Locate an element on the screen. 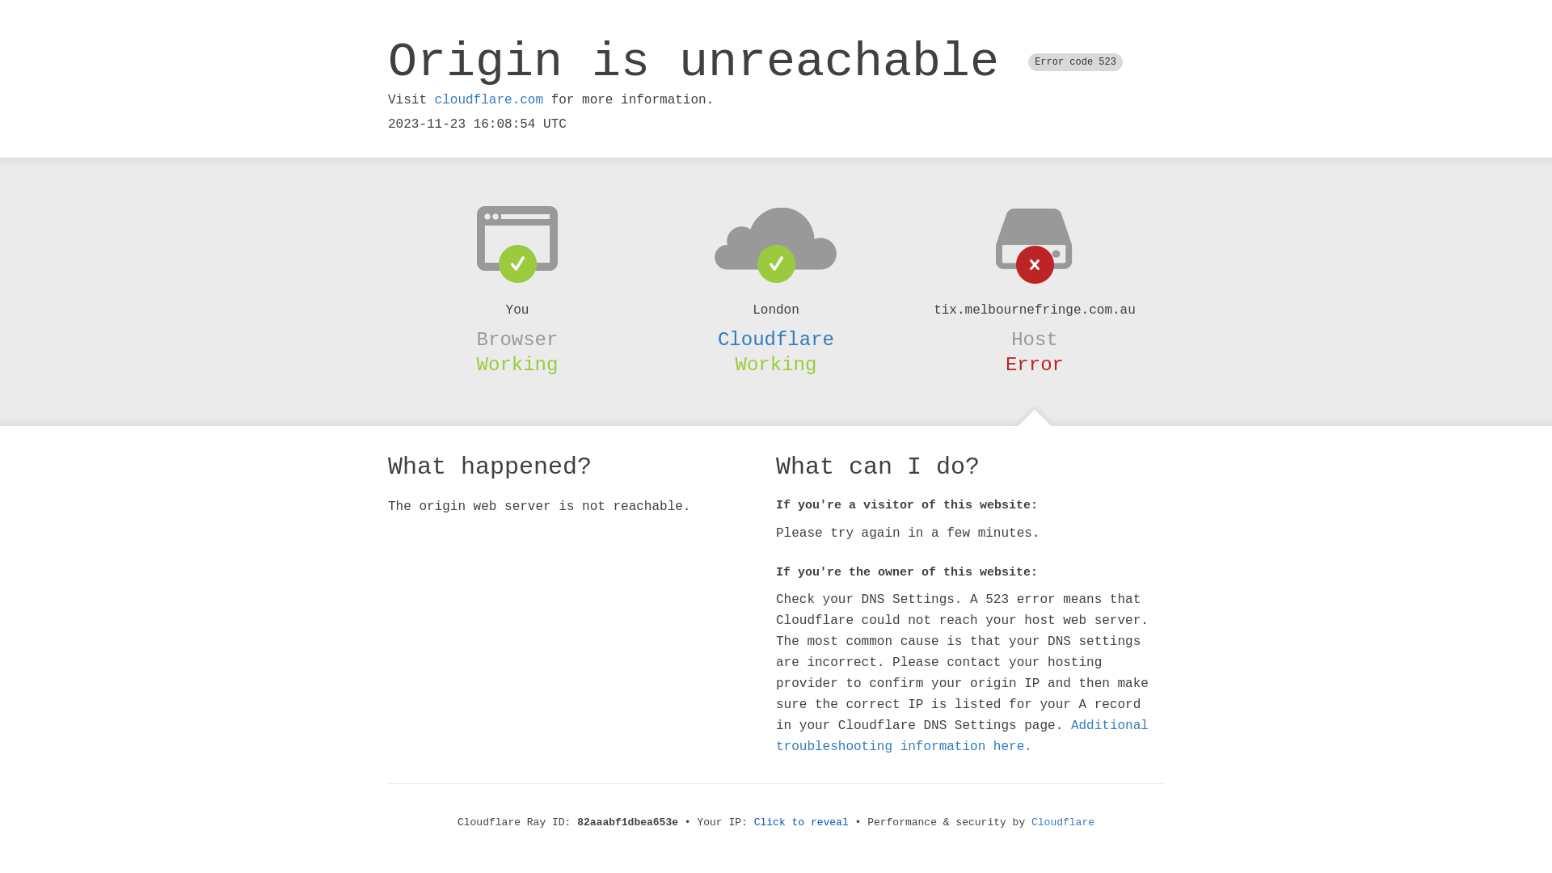  'Cloudflare' is located at coordinates (1031, 822).